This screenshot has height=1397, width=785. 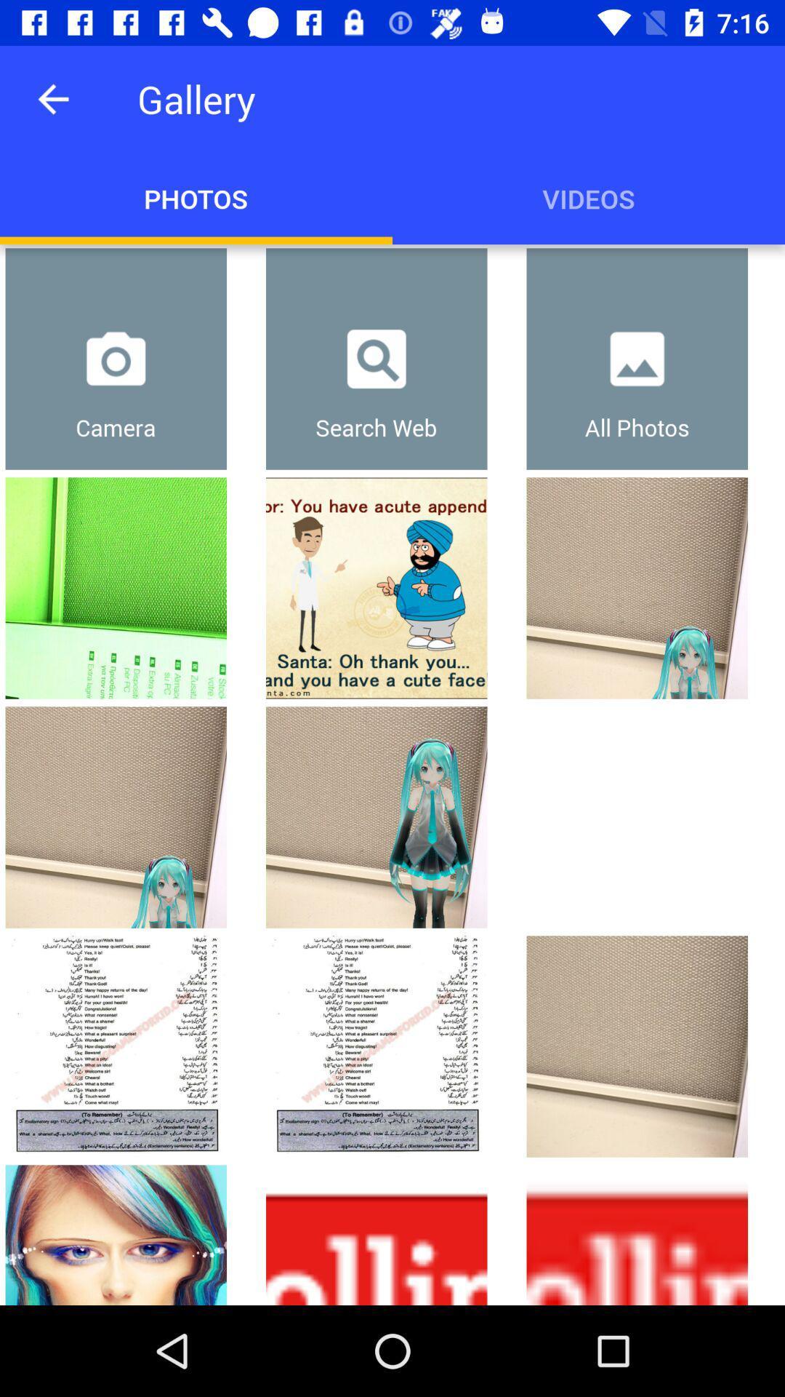 What do you see at coordinates (115, 817) in the screenshot?
I see `the second picture positioned vertically under the camera` at bounding box center [115, 817].